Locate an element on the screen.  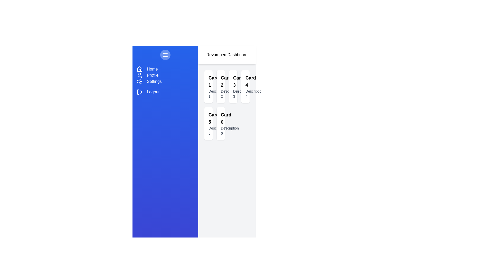
the first card in the 2x3 grid layout located under the 'Revamped Dashboard' heading is located at coordinates (208, 86).